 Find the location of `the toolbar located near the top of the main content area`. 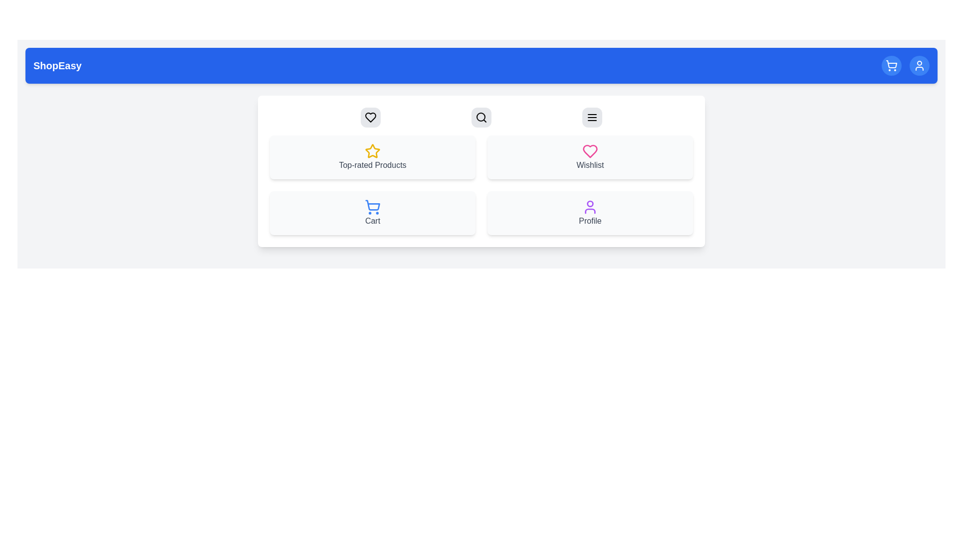

the toolbar located near the top of the main content area is located at coordinates (481, 117).